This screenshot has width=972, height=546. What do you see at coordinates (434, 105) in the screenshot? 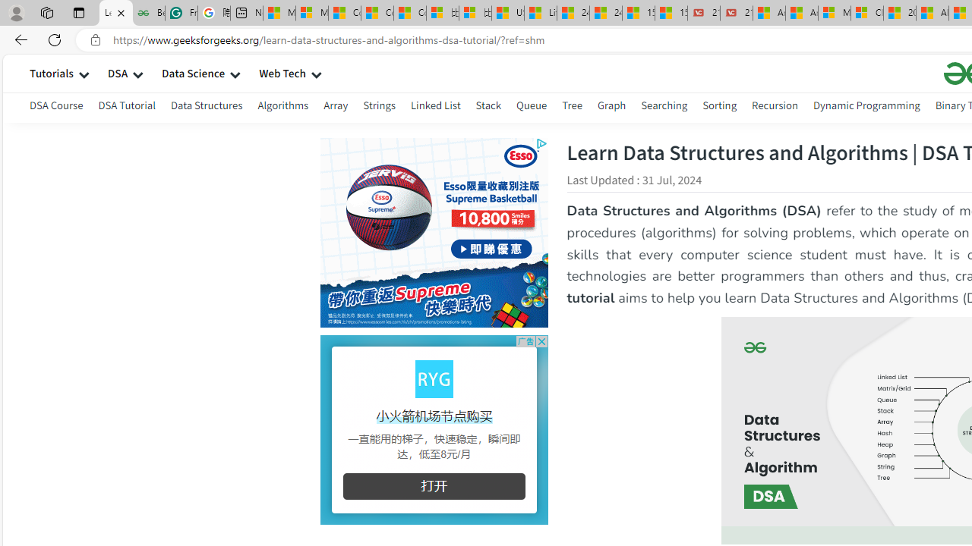
I see `'Linked List'` at bounding box center [434, 105].